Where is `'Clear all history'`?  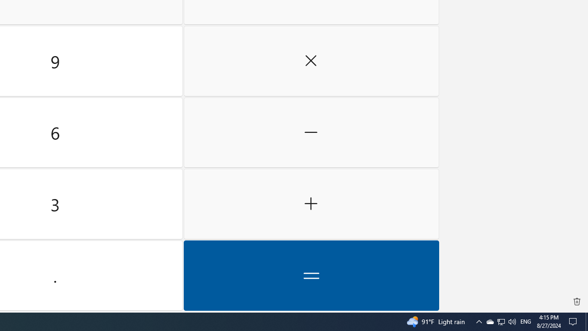
'Clear all history' is located at coordinates (577, 301).